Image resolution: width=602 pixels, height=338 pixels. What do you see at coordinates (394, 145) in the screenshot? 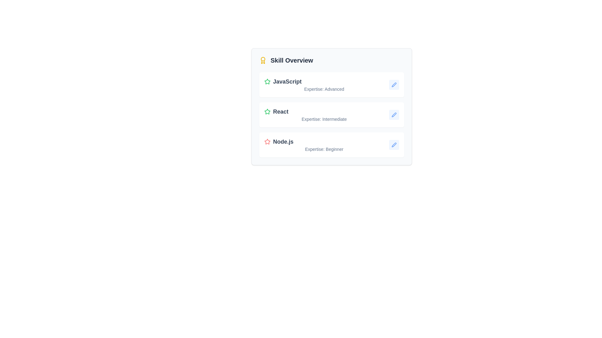
I see `the pen icon located at the bottom-right of the 'Node.js' skill card to initiate editing` at bounding box center [394, 145].